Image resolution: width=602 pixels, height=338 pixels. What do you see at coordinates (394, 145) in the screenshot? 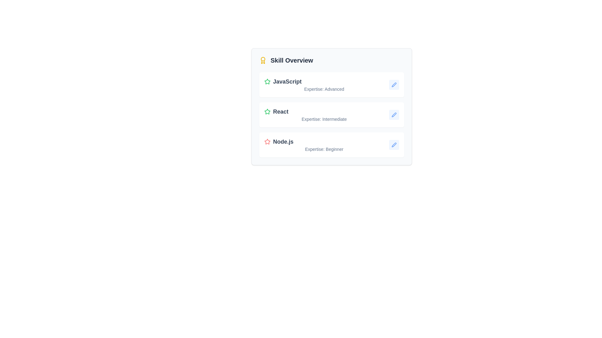
I see `the pen icon located at the bottom-right of the 'Node.js' skill card to initiate editing` at bounding box center [394, 145].